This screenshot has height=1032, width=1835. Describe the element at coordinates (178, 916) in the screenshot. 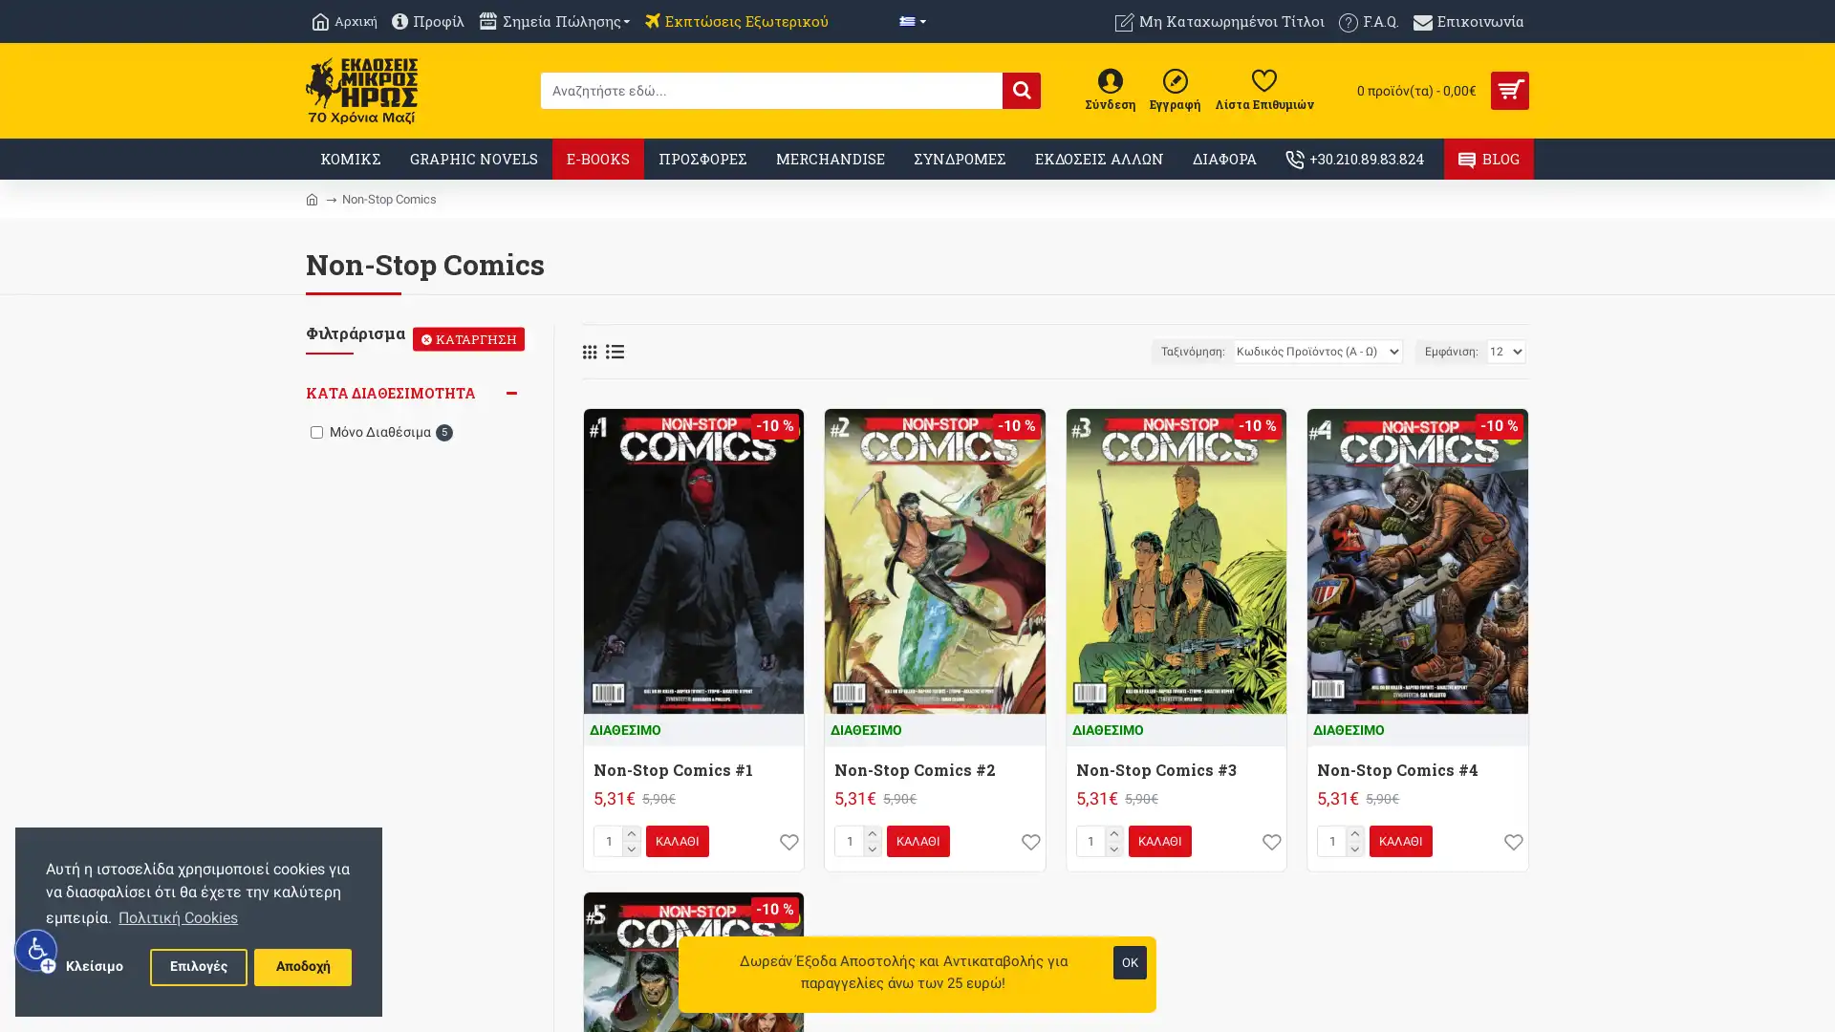

I see `learn more about cookies` at that location.